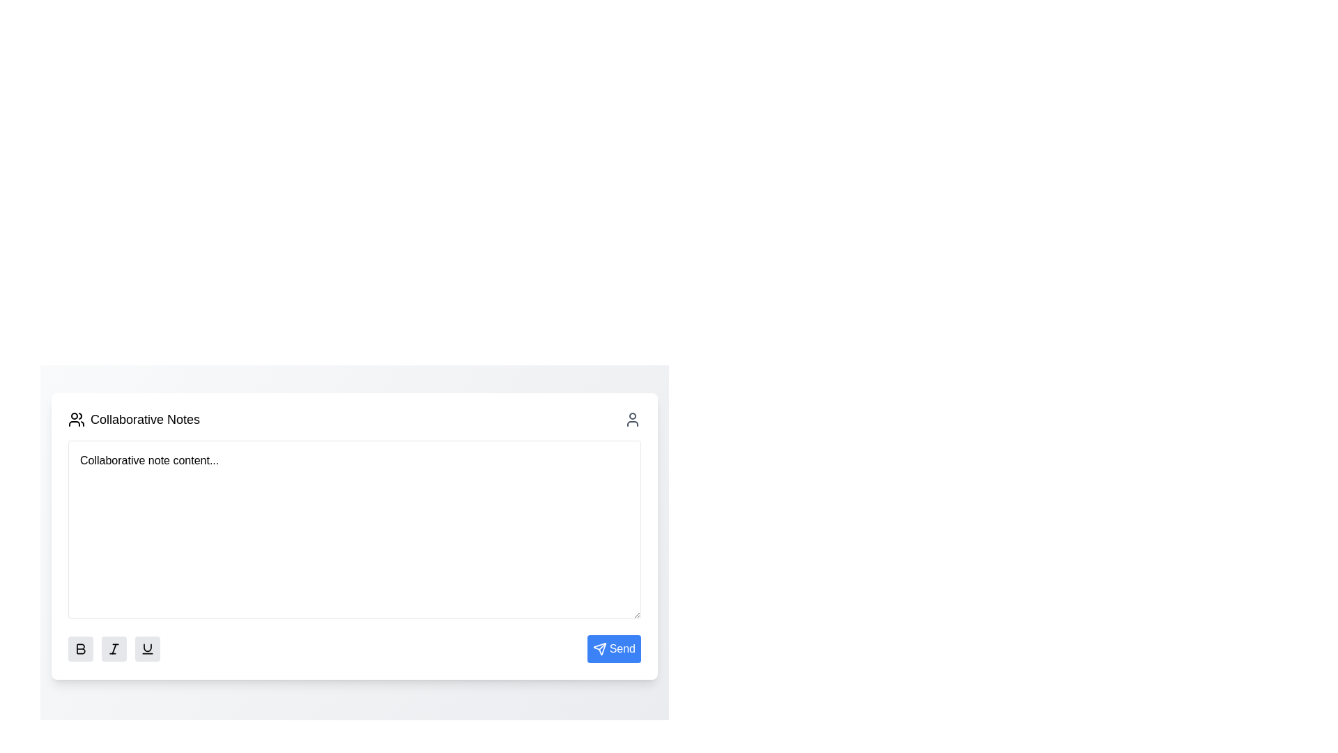  Describe the element at coordinates (79, 648) in the screenshot. I see `the square button with rounded corners and a bold letter 'B' icon, located at the bottom-left of the 'Collaborative Notes' area` at that location.